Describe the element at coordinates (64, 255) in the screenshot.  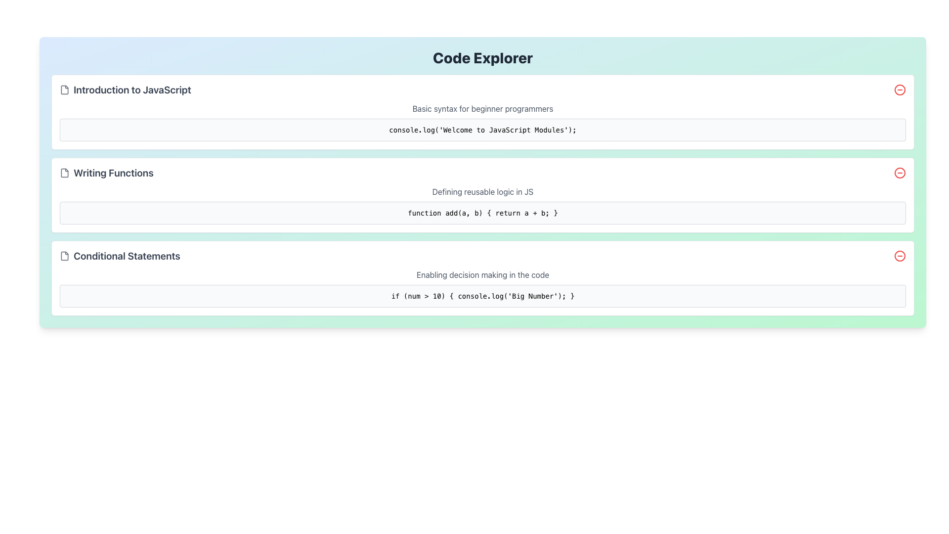
I see `the file or document icon representing the 'Conditional Statements' entry, which is located to the left of the text in the third section of the list` at that location.